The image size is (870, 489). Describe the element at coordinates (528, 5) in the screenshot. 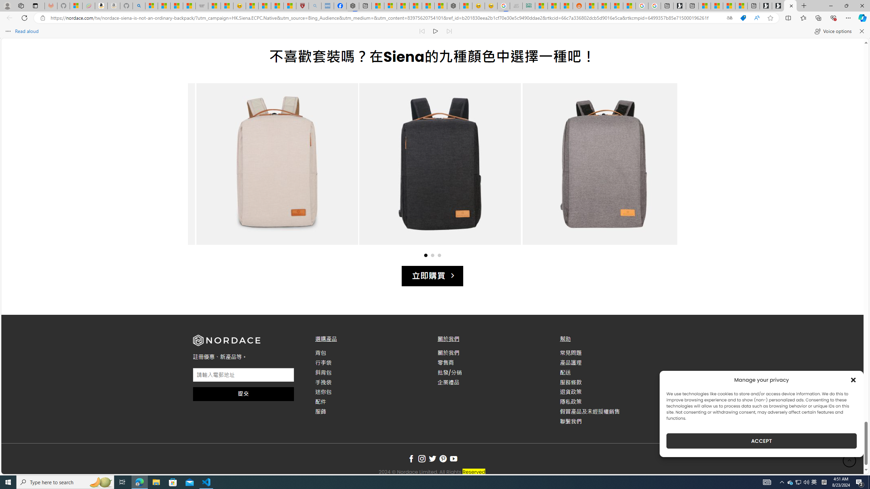

I see `'DITOGAMES AG Imprint'` at that location.